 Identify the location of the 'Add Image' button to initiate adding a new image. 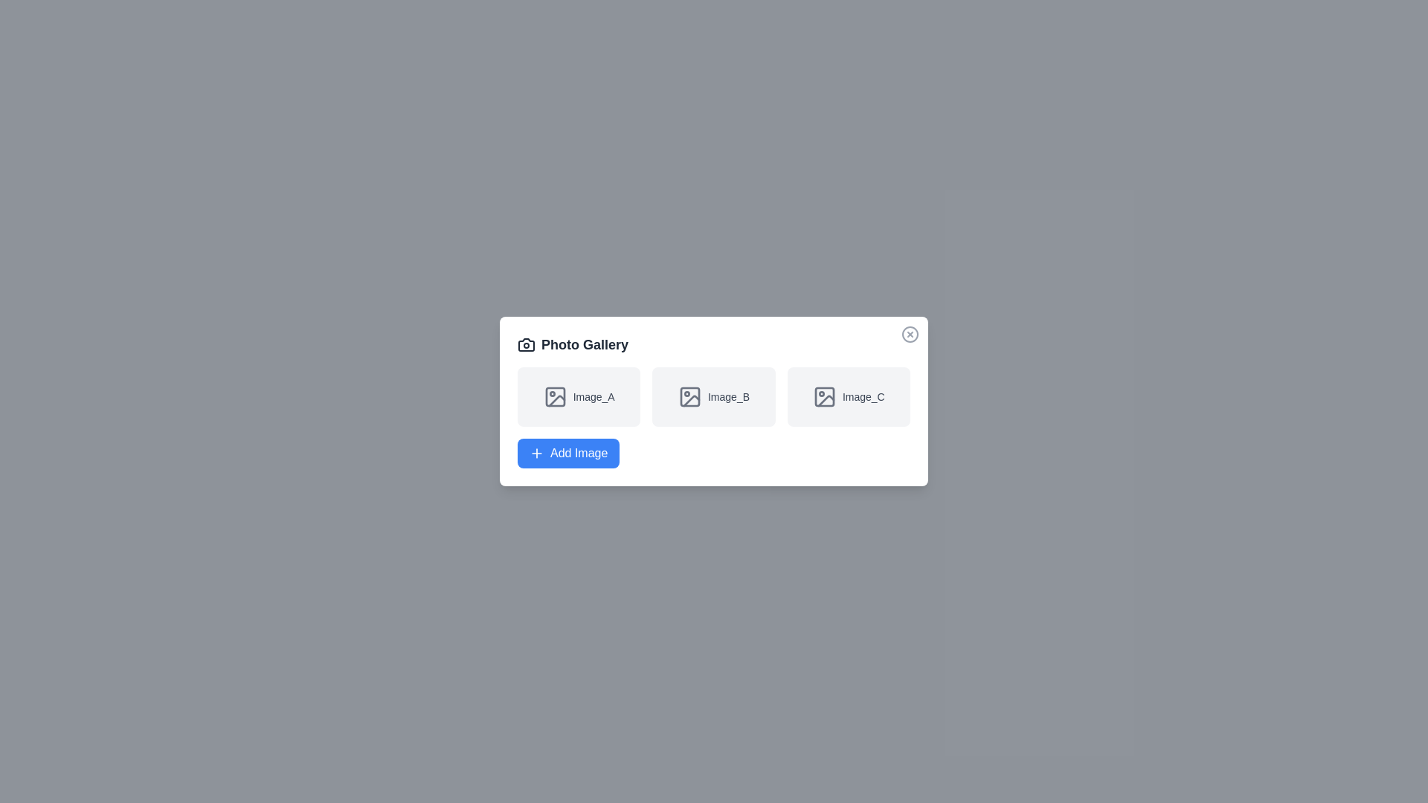
(567, 452).